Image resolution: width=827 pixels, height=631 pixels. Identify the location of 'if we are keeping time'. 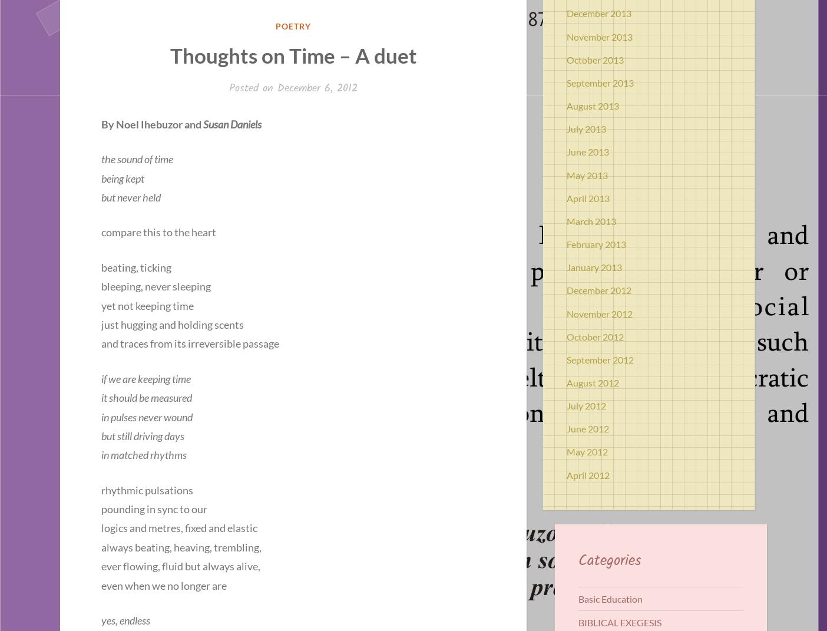
(145, 377).